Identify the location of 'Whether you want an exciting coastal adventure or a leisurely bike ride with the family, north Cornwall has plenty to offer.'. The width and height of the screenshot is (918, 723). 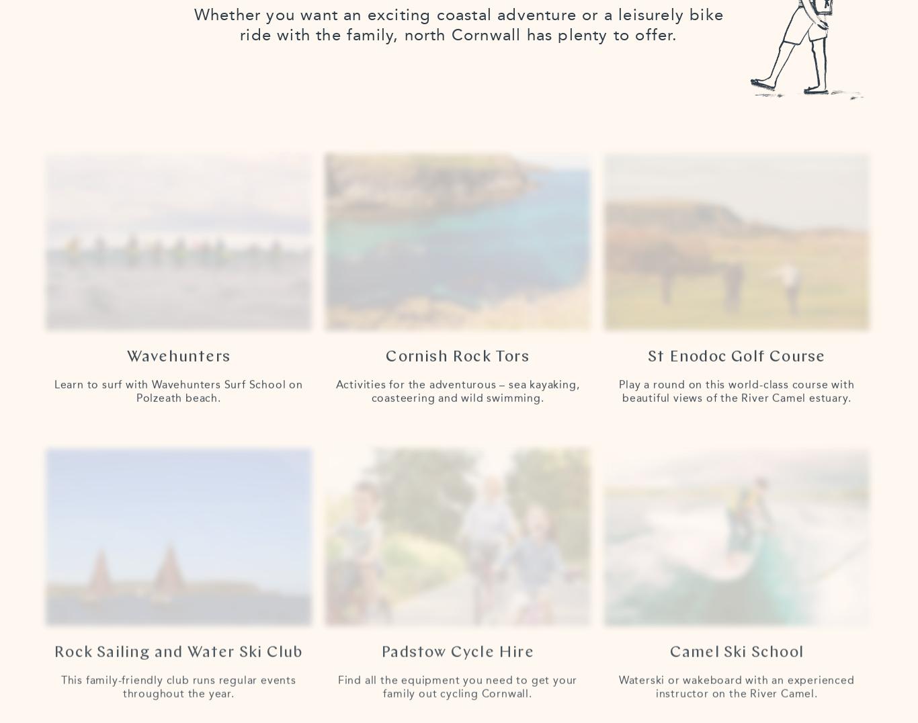
(458, 24).